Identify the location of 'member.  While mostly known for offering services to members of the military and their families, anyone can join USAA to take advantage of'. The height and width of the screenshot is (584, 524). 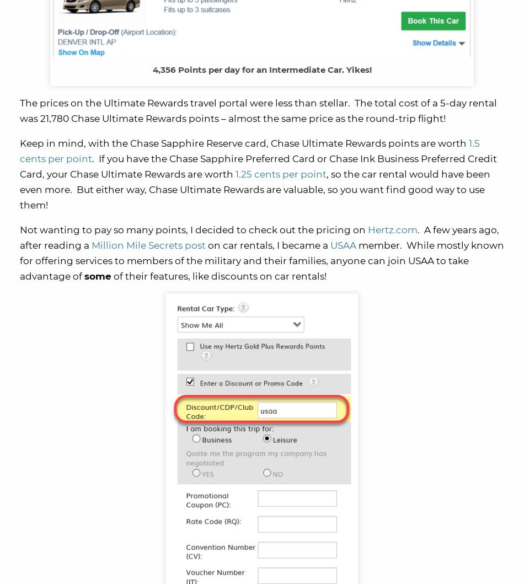
(262, 260).